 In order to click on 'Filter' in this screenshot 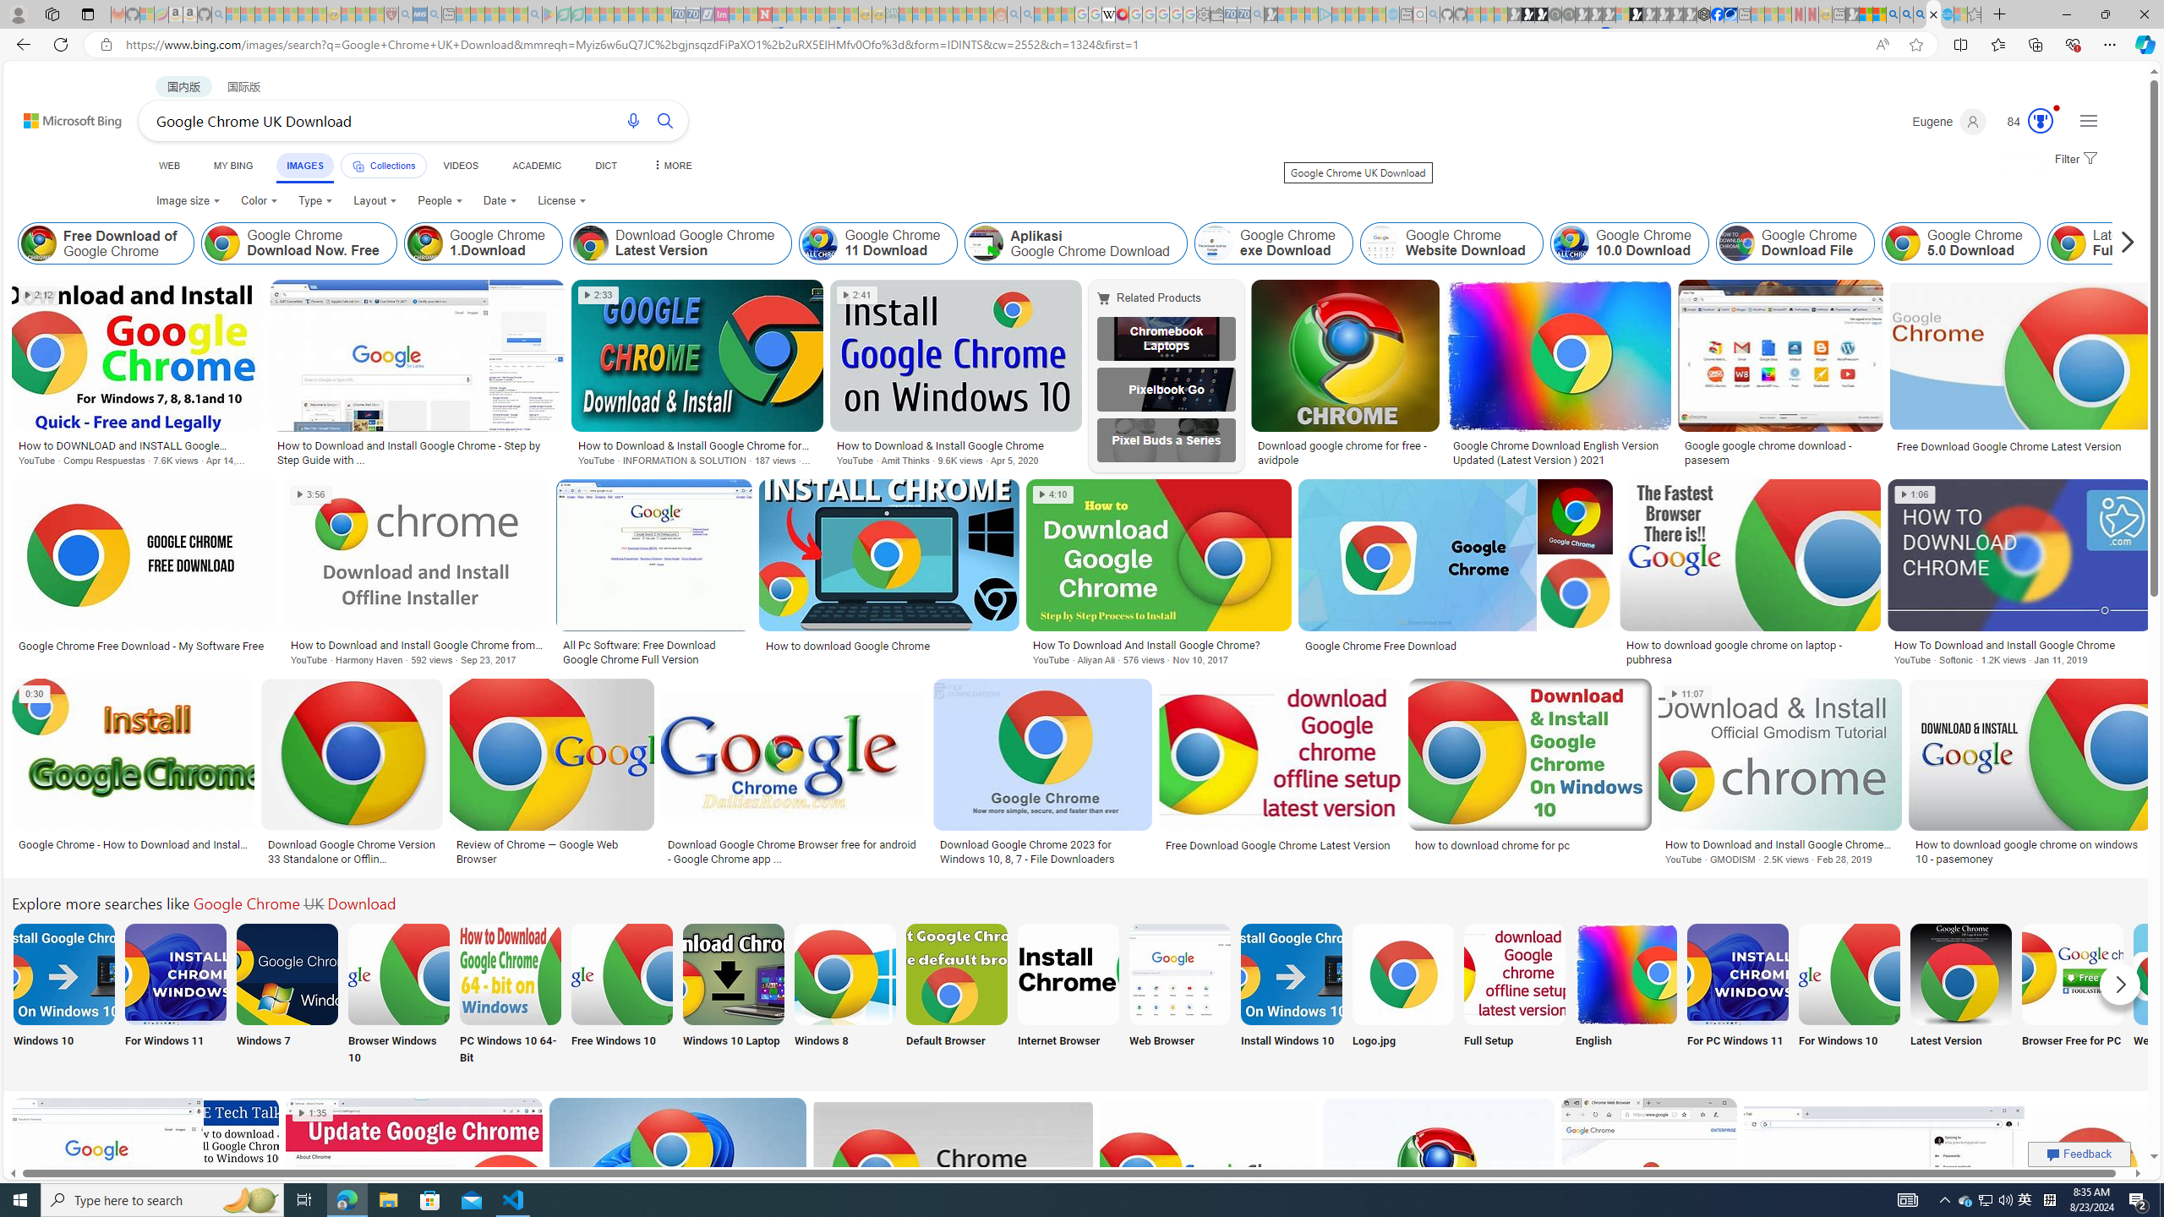, I will do `click(2074, 159)`.